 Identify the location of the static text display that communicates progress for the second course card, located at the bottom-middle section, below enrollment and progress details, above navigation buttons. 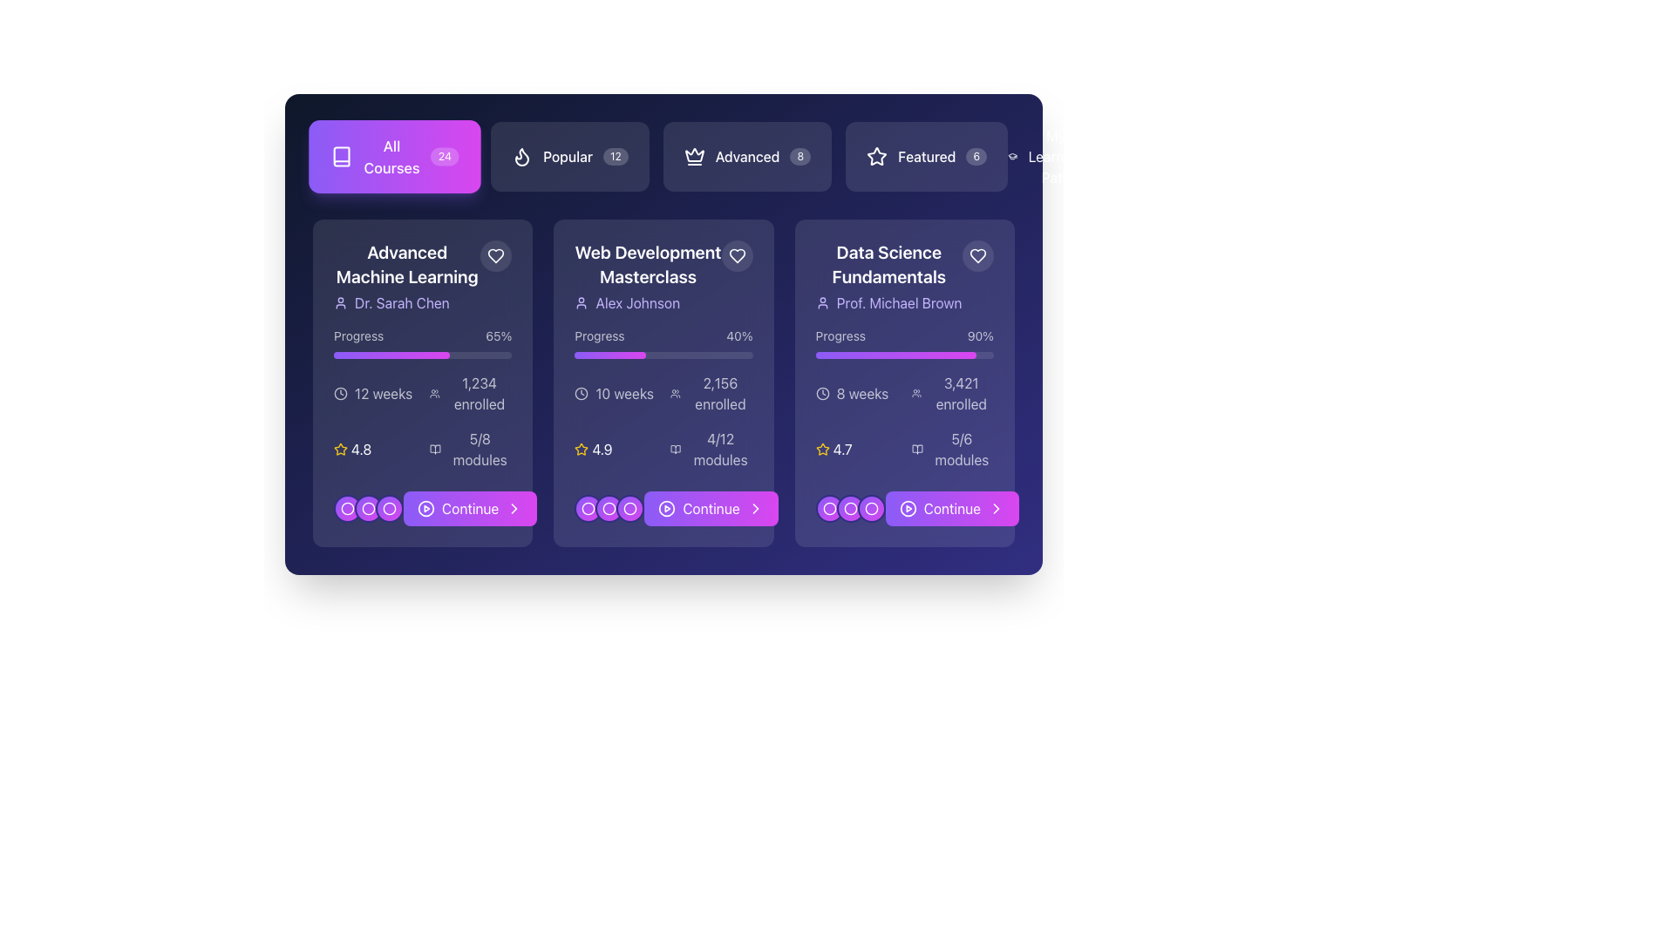
(720, 449).